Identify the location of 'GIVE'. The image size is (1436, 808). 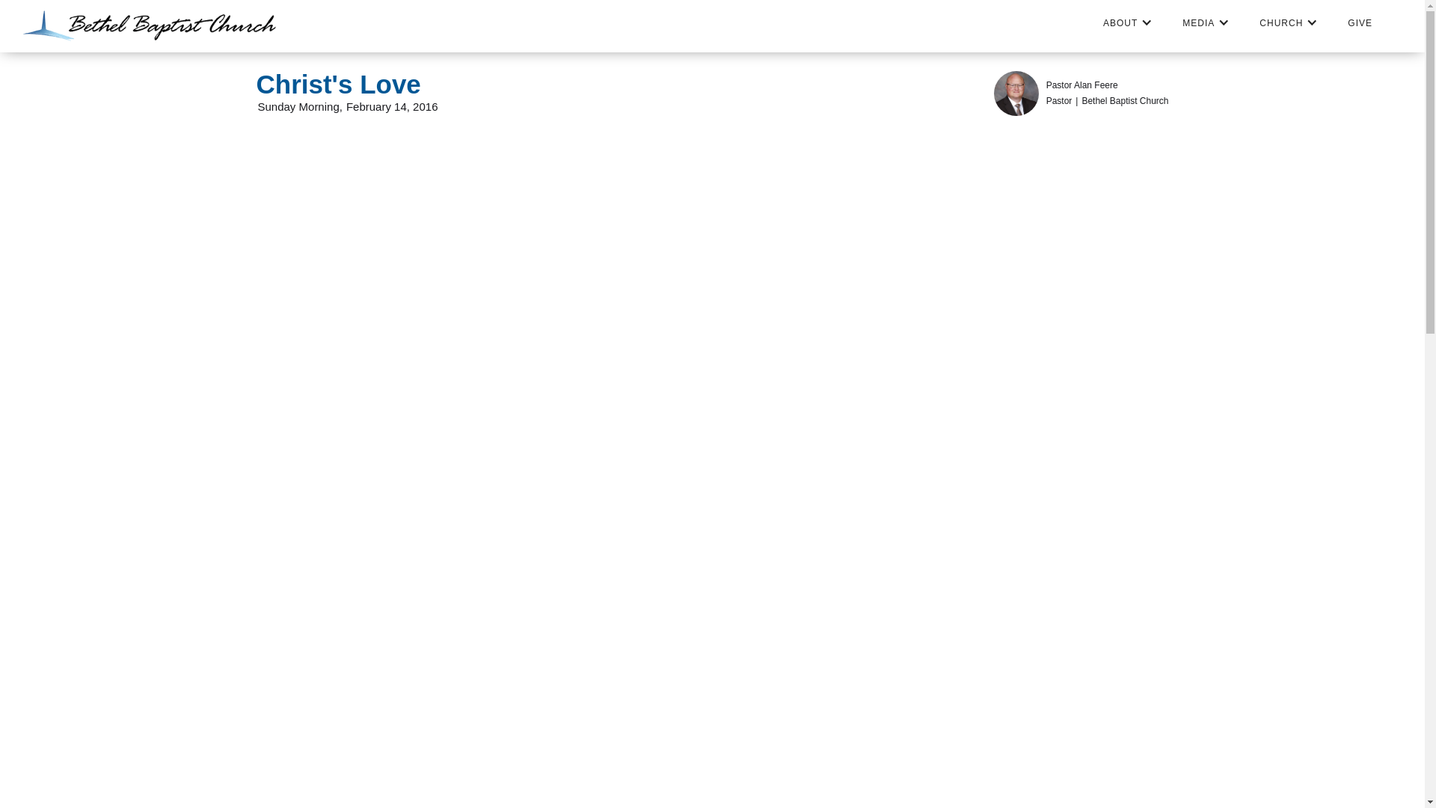
(1360, 22).